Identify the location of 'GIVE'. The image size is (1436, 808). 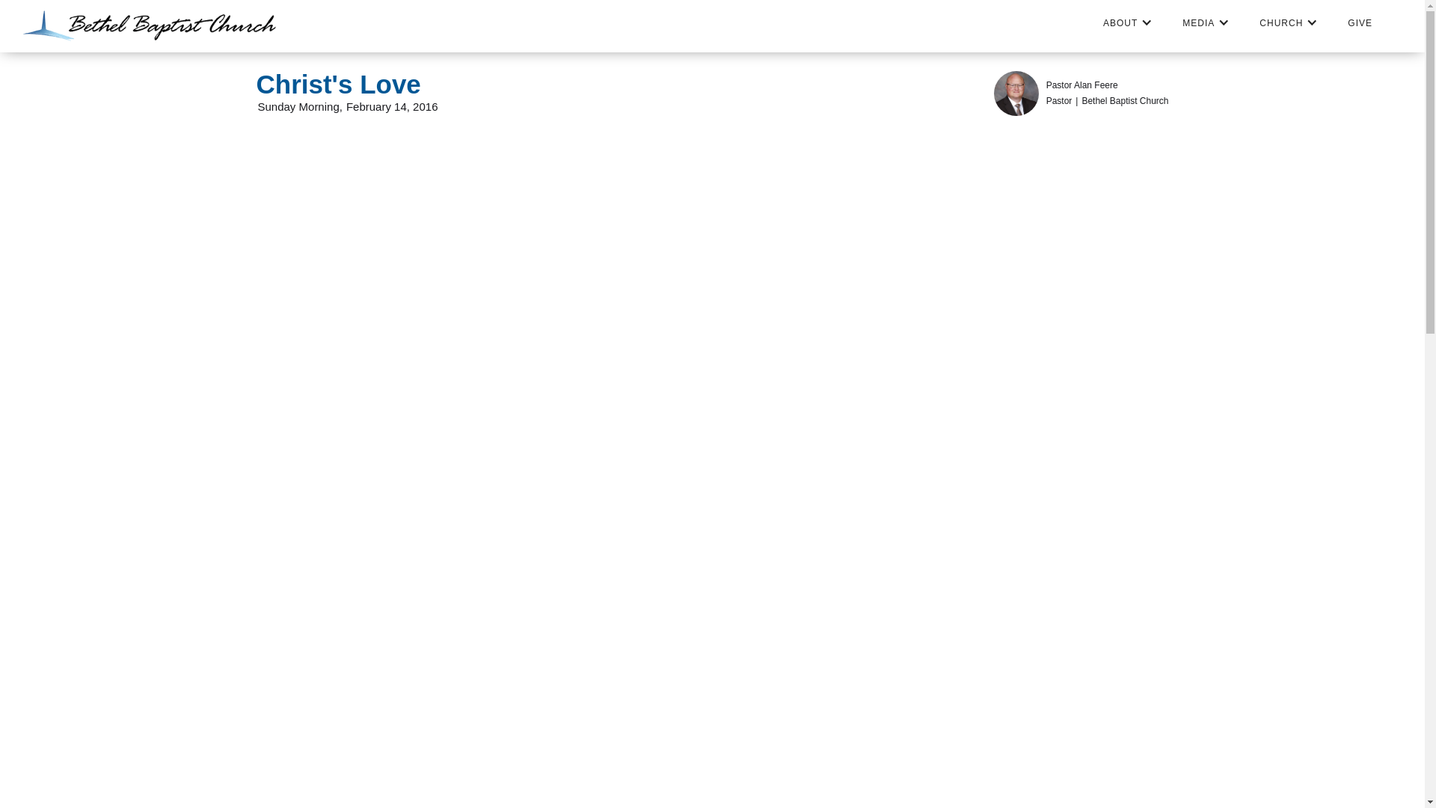
(1360, 22).